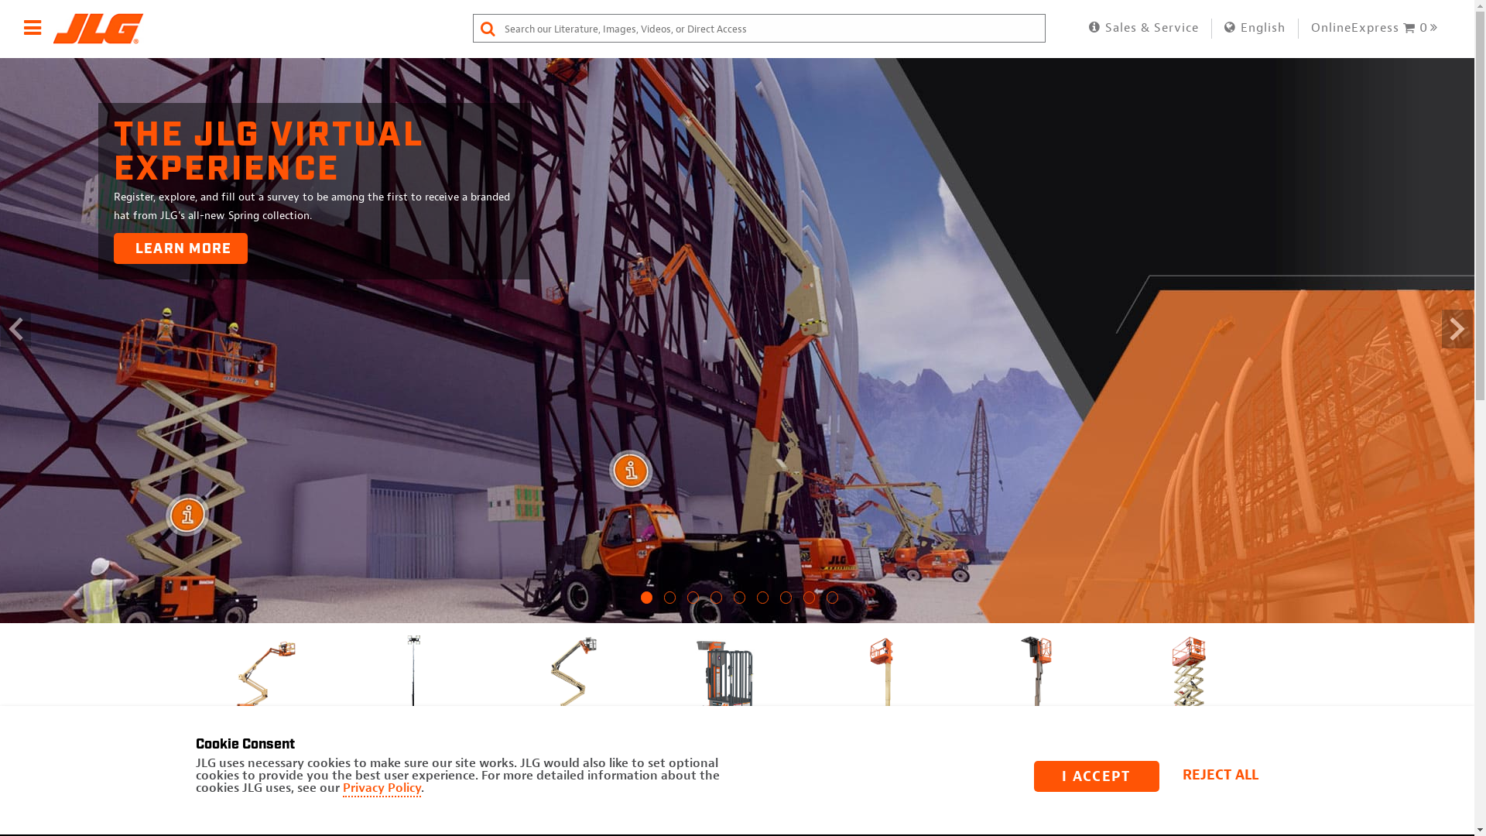 The height and width of the screenshot is (836, 1486). Describe the element at coordinates (692, 602) in the screenshot. I see `'3'` at that location.